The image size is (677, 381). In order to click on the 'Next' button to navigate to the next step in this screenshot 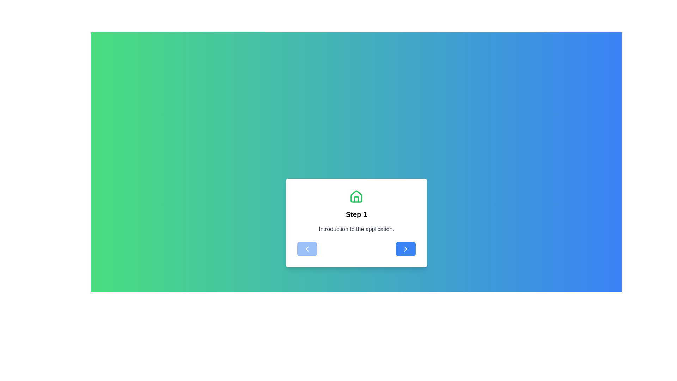, I will do `click(406, 248)`.